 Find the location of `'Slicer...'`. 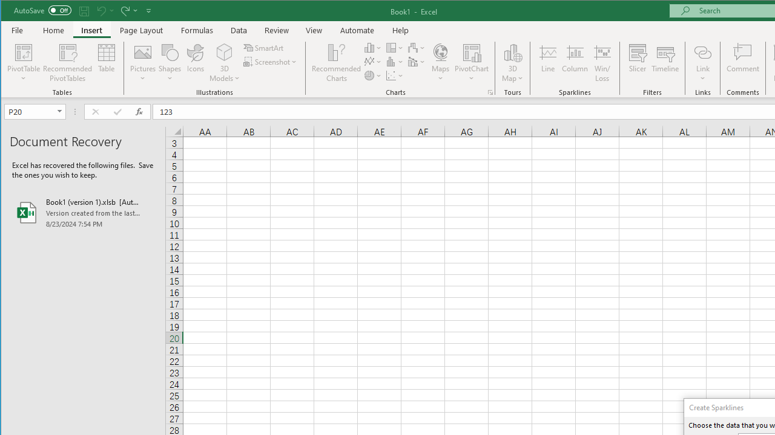

'Slicer...' is located at coordinates (636, 63).